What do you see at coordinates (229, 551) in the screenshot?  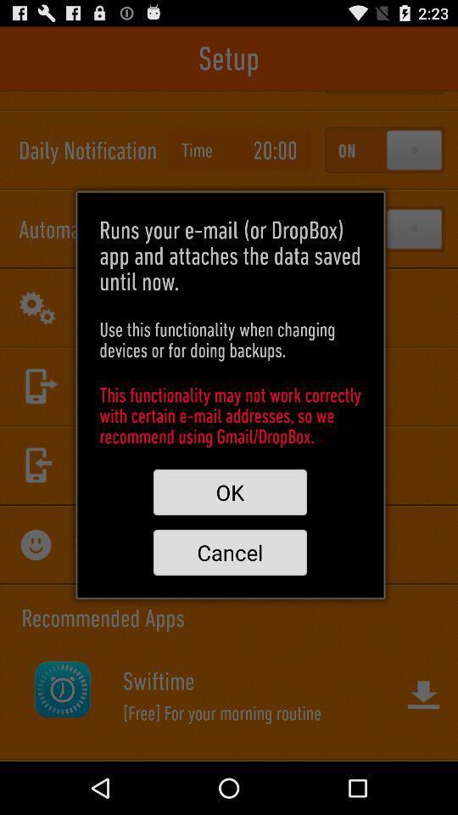 I see `cancel icon` at bounding box center [229, 551].